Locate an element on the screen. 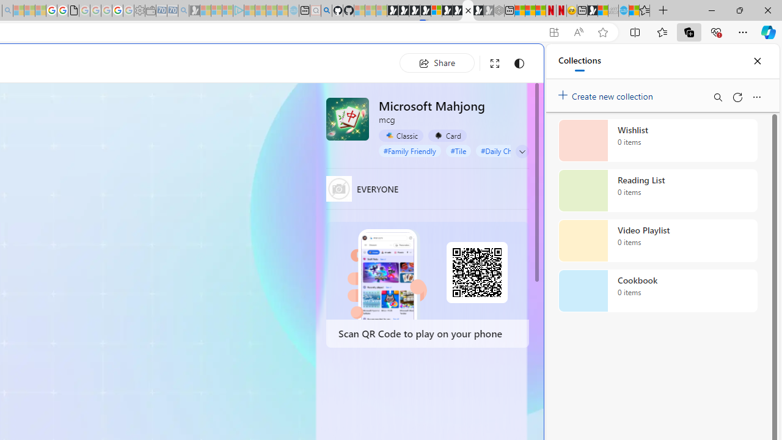 The image size is (782, 440). 'Video Playlist collection, 0 items' is located at coordinates (657, 241).